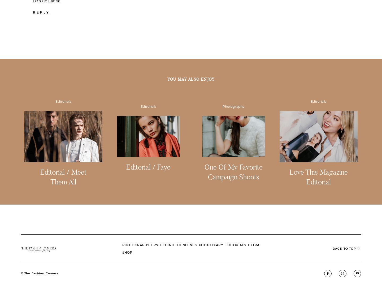  What do you see at coordinates (254, 211) in the screenshot?
I see `'Lightroom Presets'` at bounding box center [254, 211].